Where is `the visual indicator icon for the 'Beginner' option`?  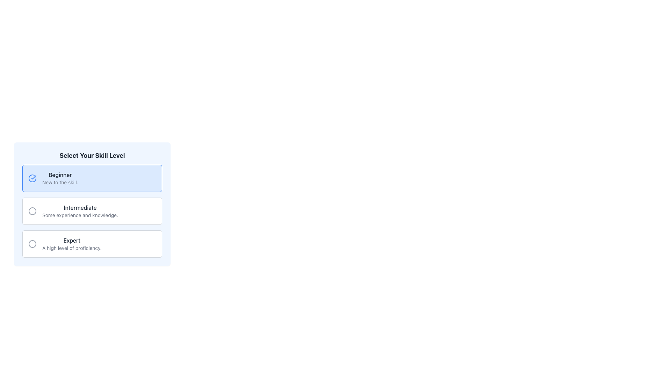
the visual indicator icon for the 'Beginner' option is located at coordinates (32, 178).